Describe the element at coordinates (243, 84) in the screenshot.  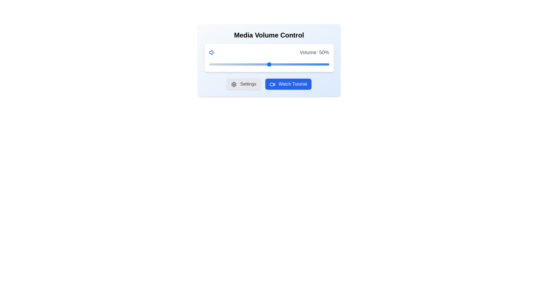
I see `the 'Settings' button to open the settings menu` at that location.